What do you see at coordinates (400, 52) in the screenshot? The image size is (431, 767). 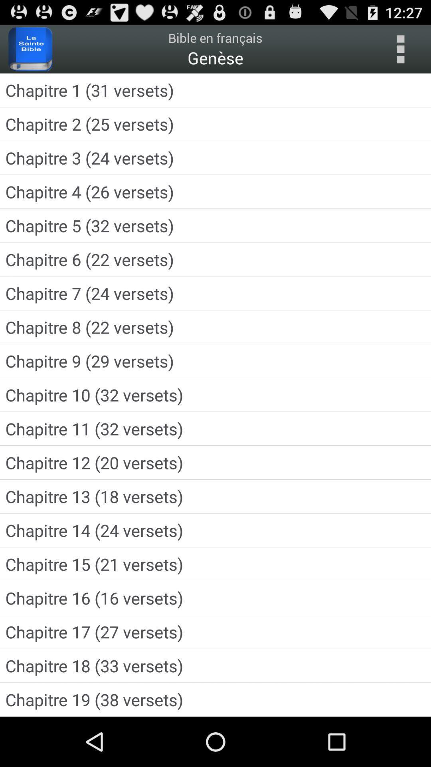 I see `the more icon` at bounding box center [400, 52].